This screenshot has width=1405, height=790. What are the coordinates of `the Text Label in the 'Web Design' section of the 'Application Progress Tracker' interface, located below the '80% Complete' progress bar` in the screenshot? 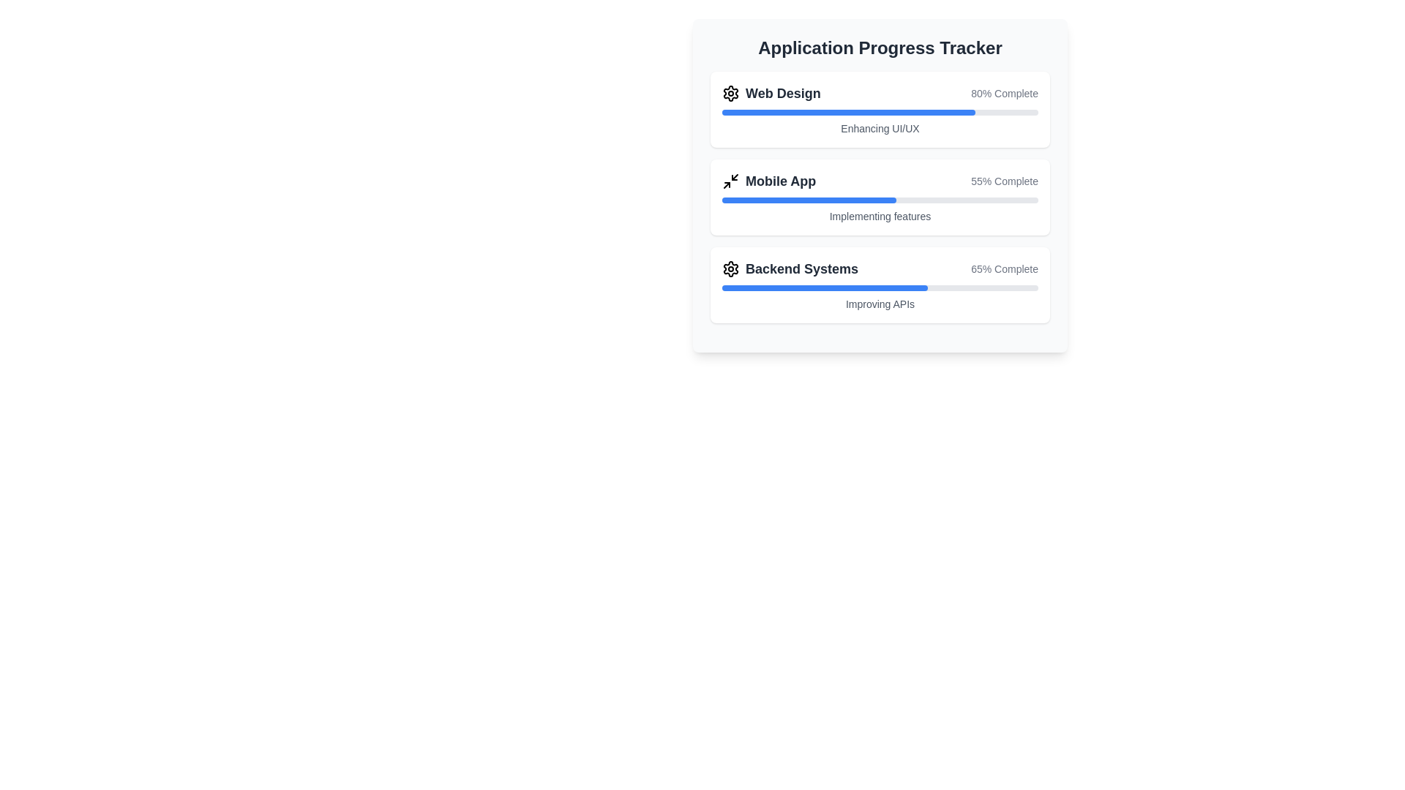 It's located at (880, 128).